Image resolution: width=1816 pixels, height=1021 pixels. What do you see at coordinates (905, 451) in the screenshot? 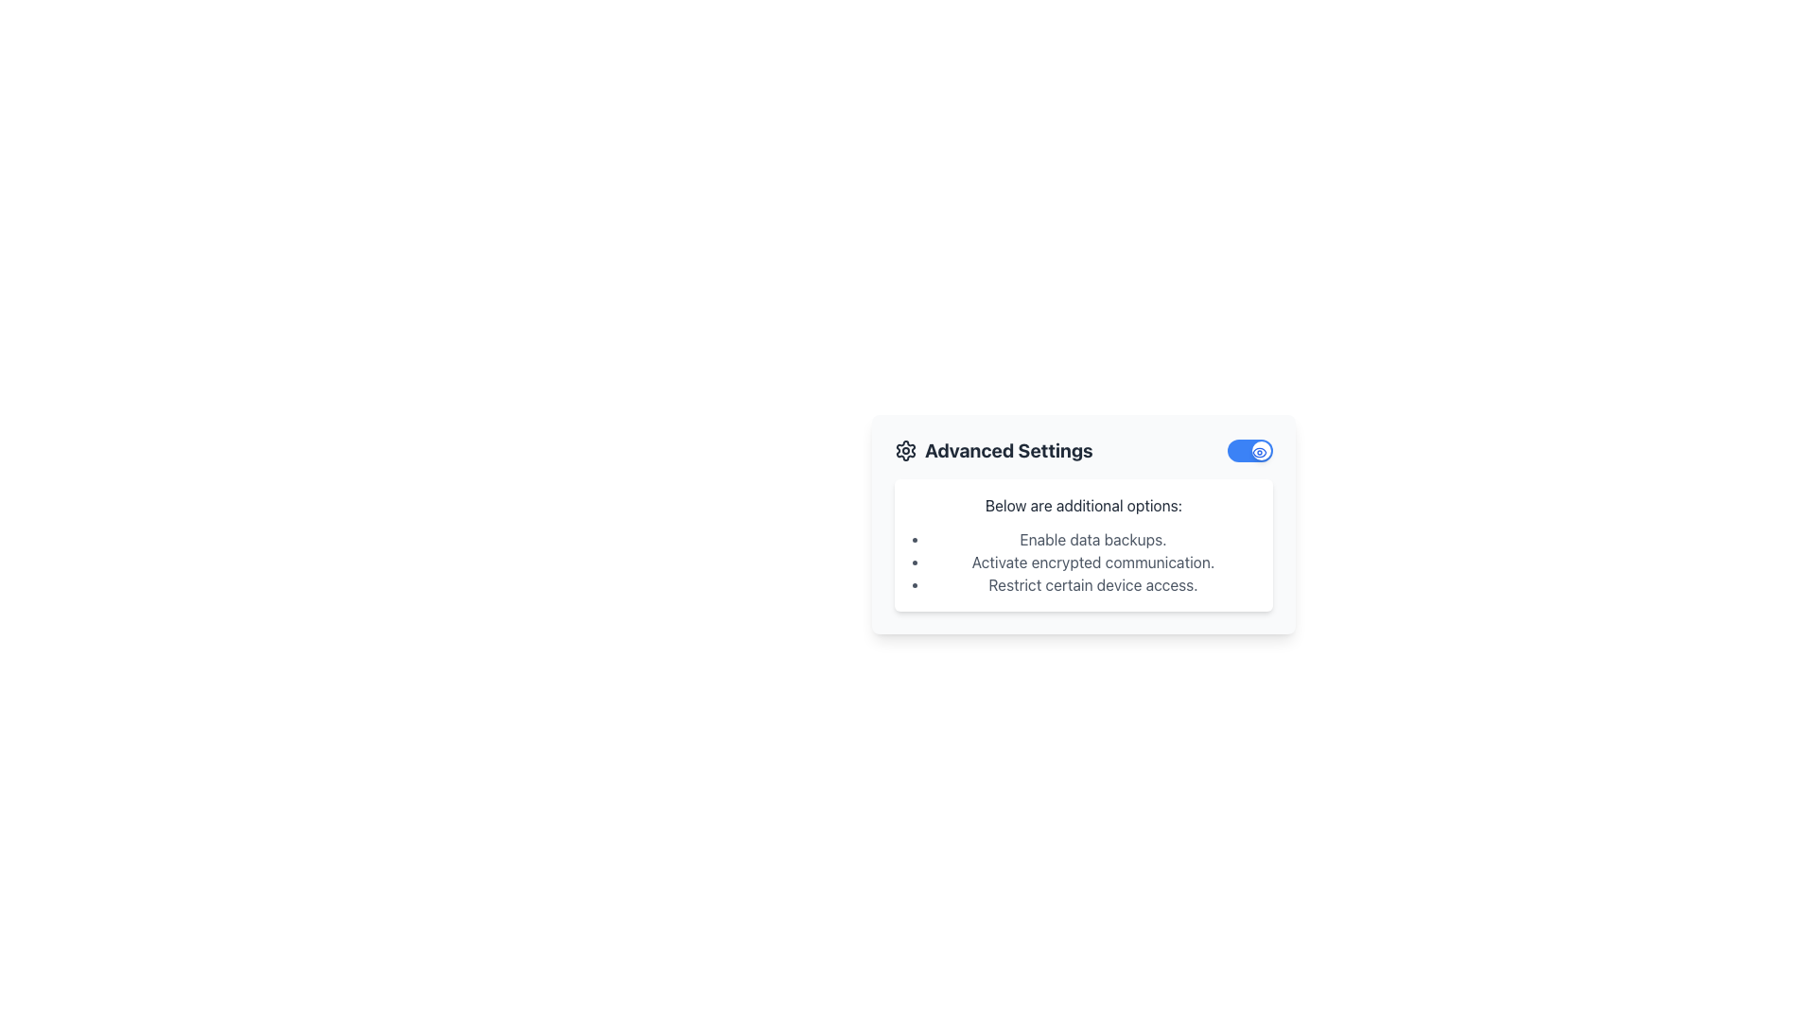
I see `the gear-shaped icon resembling a settings symbol located to the left of the text 'Advanced Settings'` at bounding box center [905, 451].